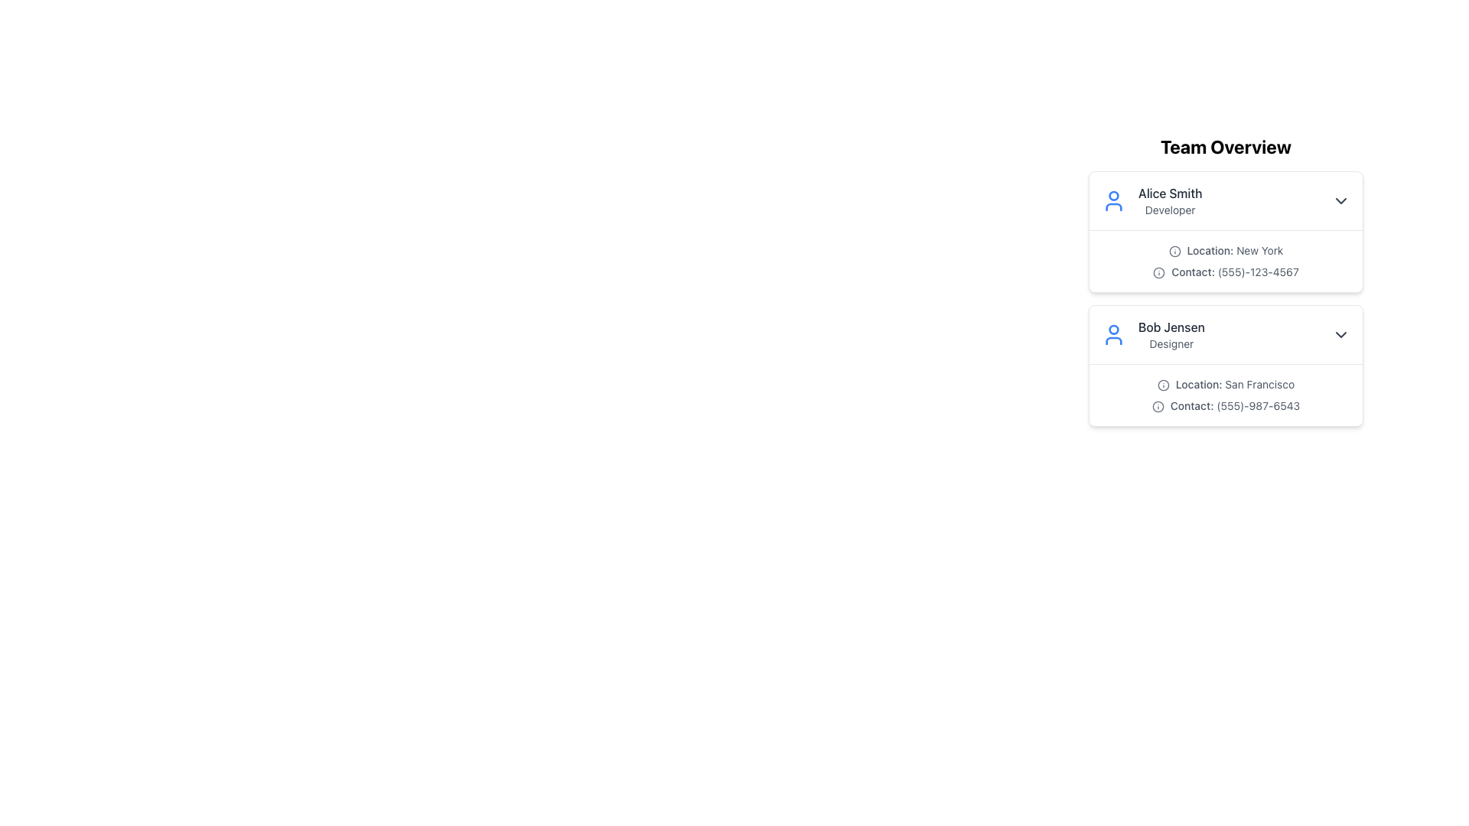 The image size is (1469, 826). I want to click on the Text Display element that shows 'Location: New York' with an information icon to the left, located below the header 'Alice Smith Developer', so click(1226, 249).